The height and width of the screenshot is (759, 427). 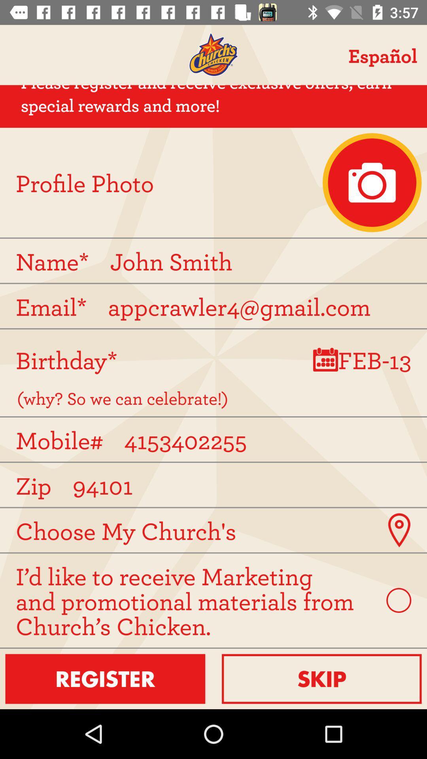 I want to click on the text which is at the top right corner of the page, so click(x=382, y=55).